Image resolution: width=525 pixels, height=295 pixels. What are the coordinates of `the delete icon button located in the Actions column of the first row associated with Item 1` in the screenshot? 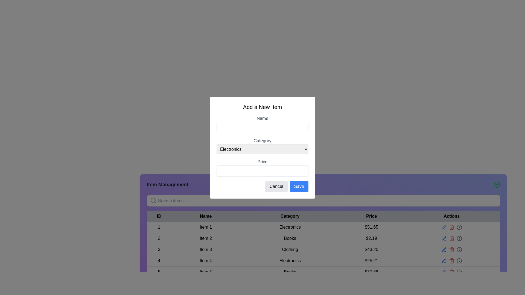 It's located at (451, 227).